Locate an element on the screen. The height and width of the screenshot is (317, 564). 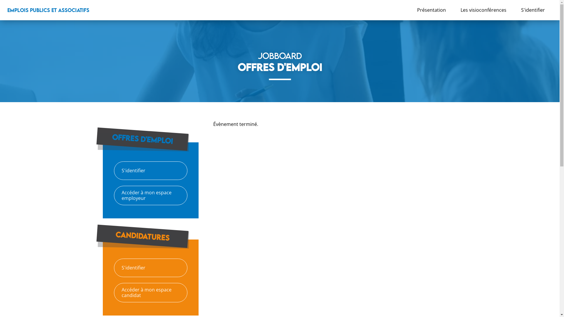
'EMPLOIS PUBLICS ET ASSOCIATIFS' is located at coordinates (48, 10).